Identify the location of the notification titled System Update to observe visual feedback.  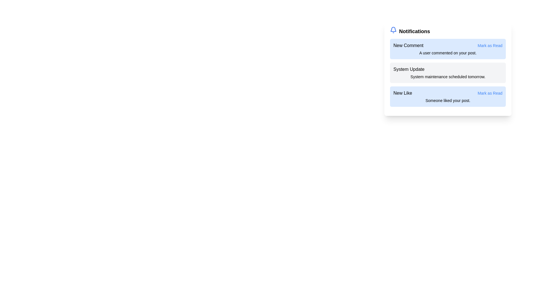
(448, 73).